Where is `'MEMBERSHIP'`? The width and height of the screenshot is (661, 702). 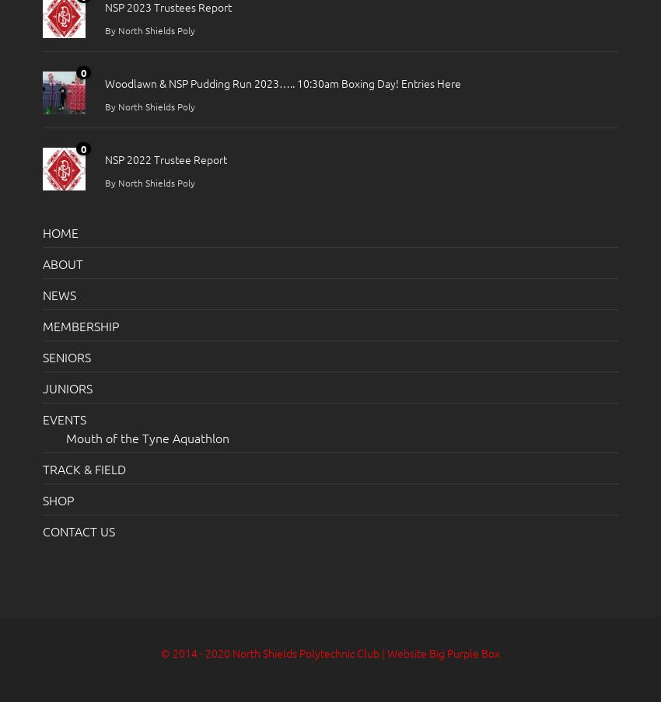 'MEMBERSHIP' is located at coordinates (80, 323).